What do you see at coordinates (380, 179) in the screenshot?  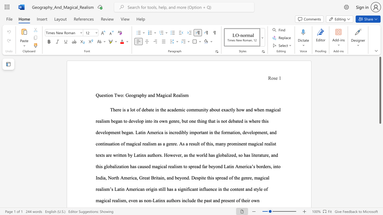 I see `the scrollbar on the side` at bounding box center [380, 179].